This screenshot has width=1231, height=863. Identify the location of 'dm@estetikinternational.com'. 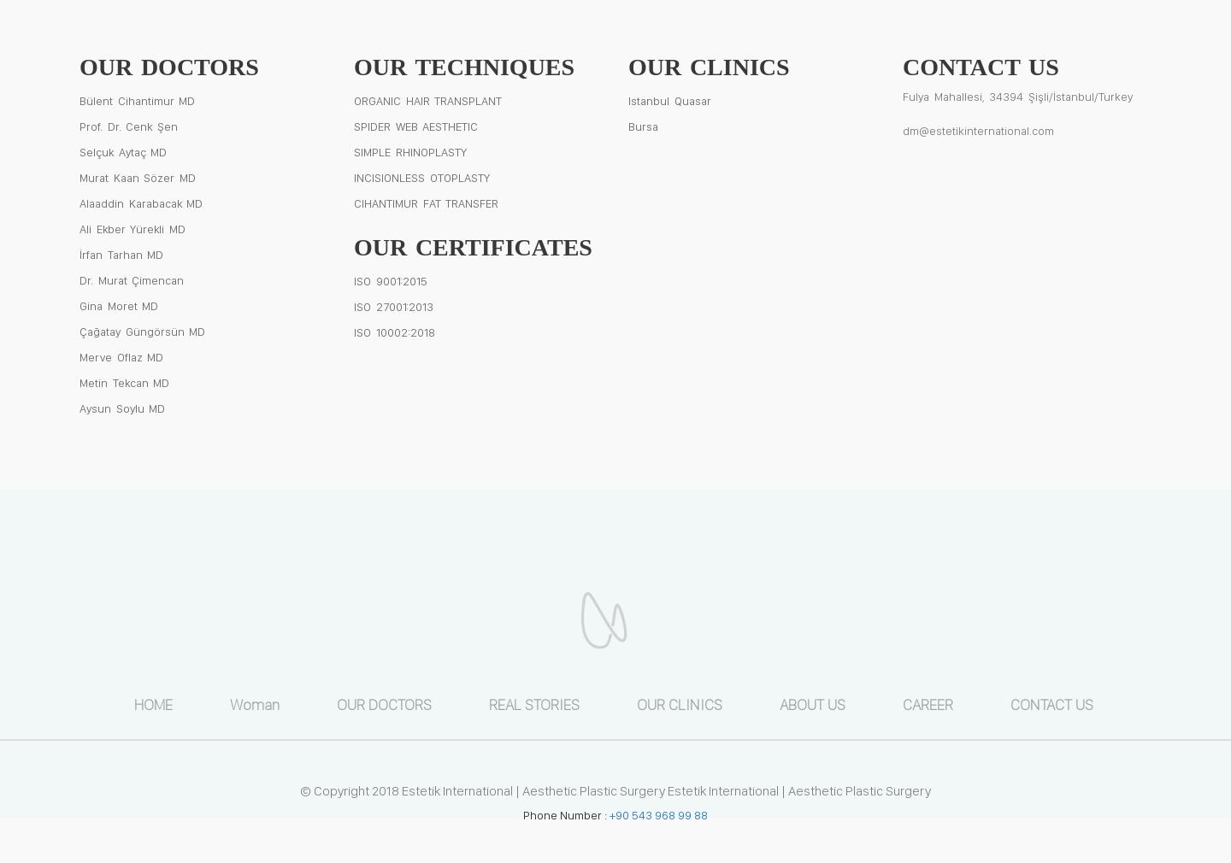
(978, 129).